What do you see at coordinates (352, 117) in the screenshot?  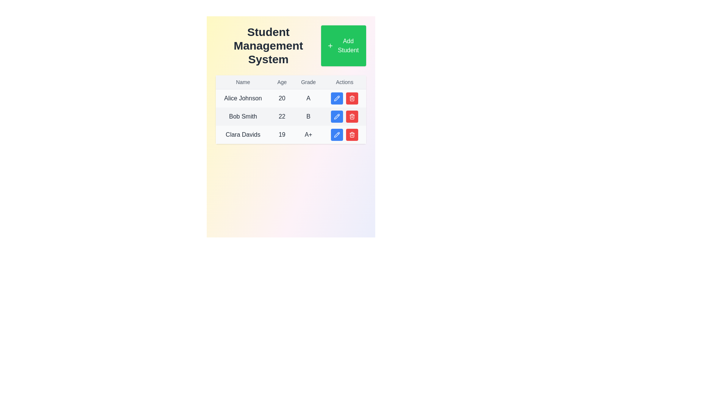 I see `the delete button for the row associated with Bob Smith in the Actions column` at bounding box center [352, 117].